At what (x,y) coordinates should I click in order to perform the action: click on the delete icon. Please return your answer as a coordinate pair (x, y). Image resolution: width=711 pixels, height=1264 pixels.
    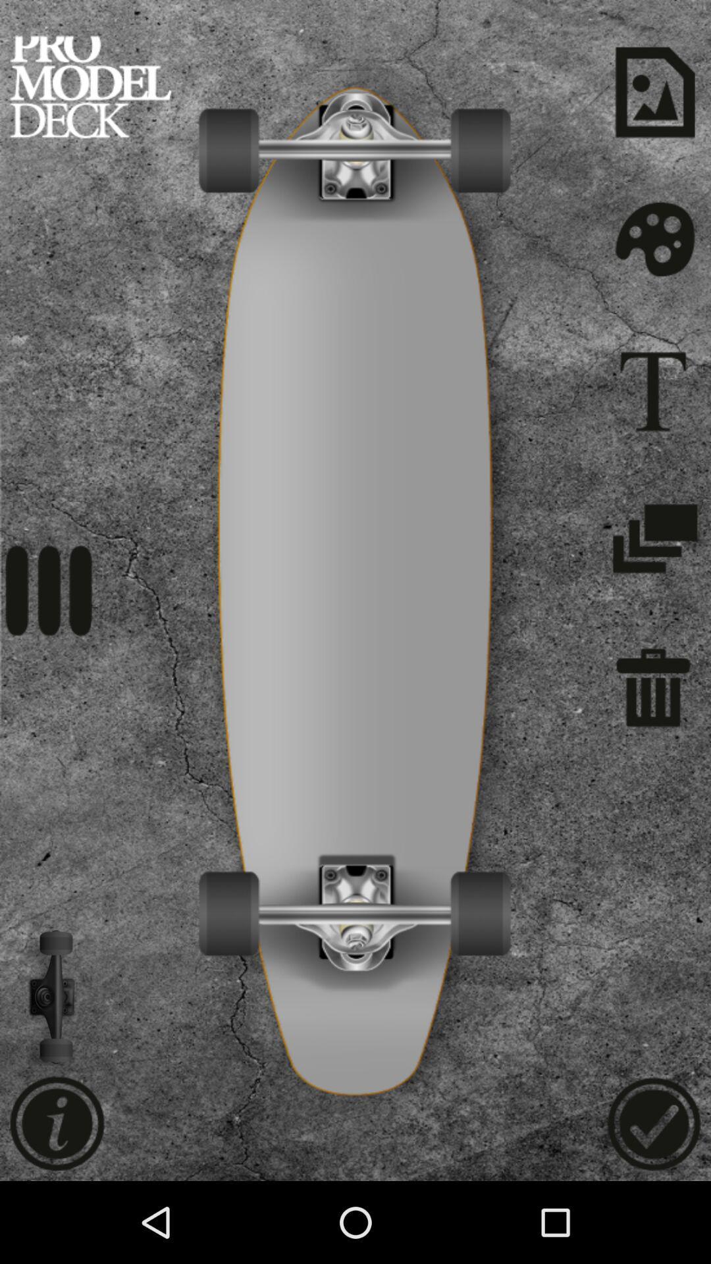
    Looking at the image, I should click on (653, 739).